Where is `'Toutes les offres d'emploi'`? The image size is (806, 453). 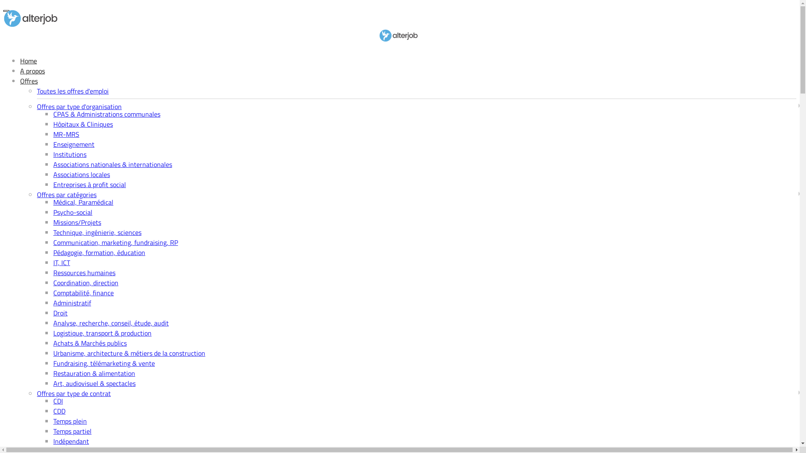
'Toutes les offres d'emploi' is located at coordinates (73, 91).